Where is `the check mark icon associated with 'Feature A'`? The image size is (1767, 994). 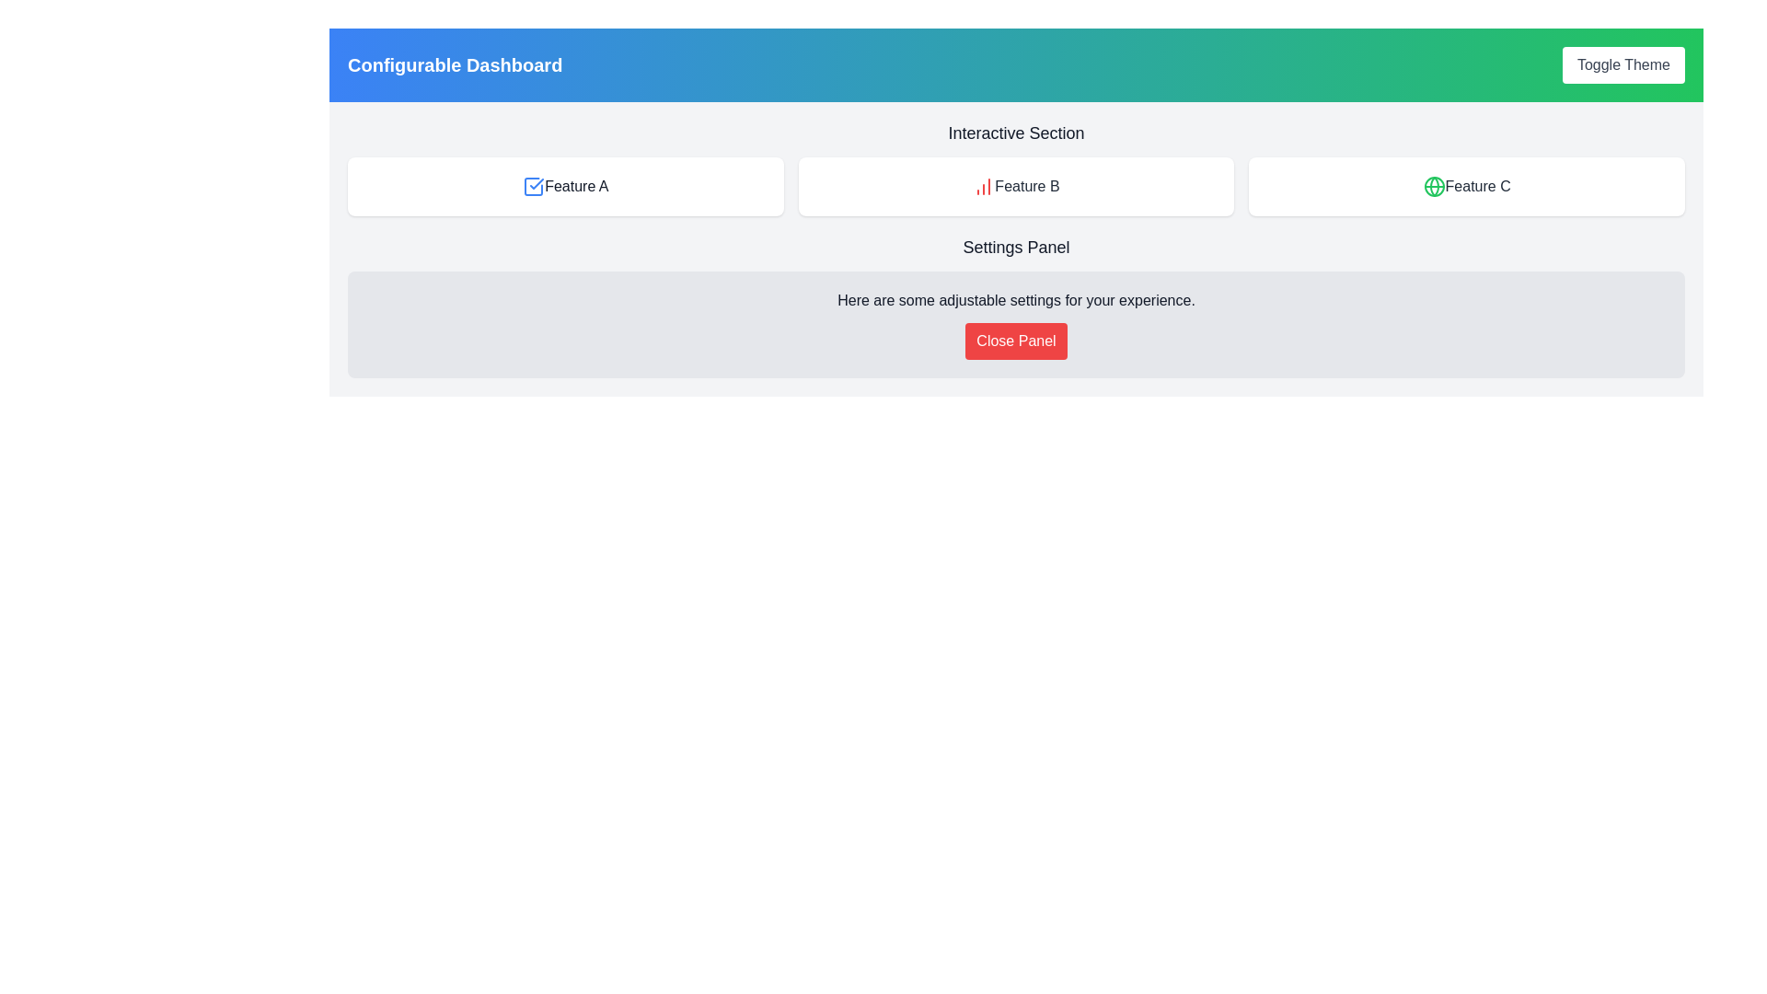
the check mark icon associated with 'Feature A' is located at coordinates (536, 184).